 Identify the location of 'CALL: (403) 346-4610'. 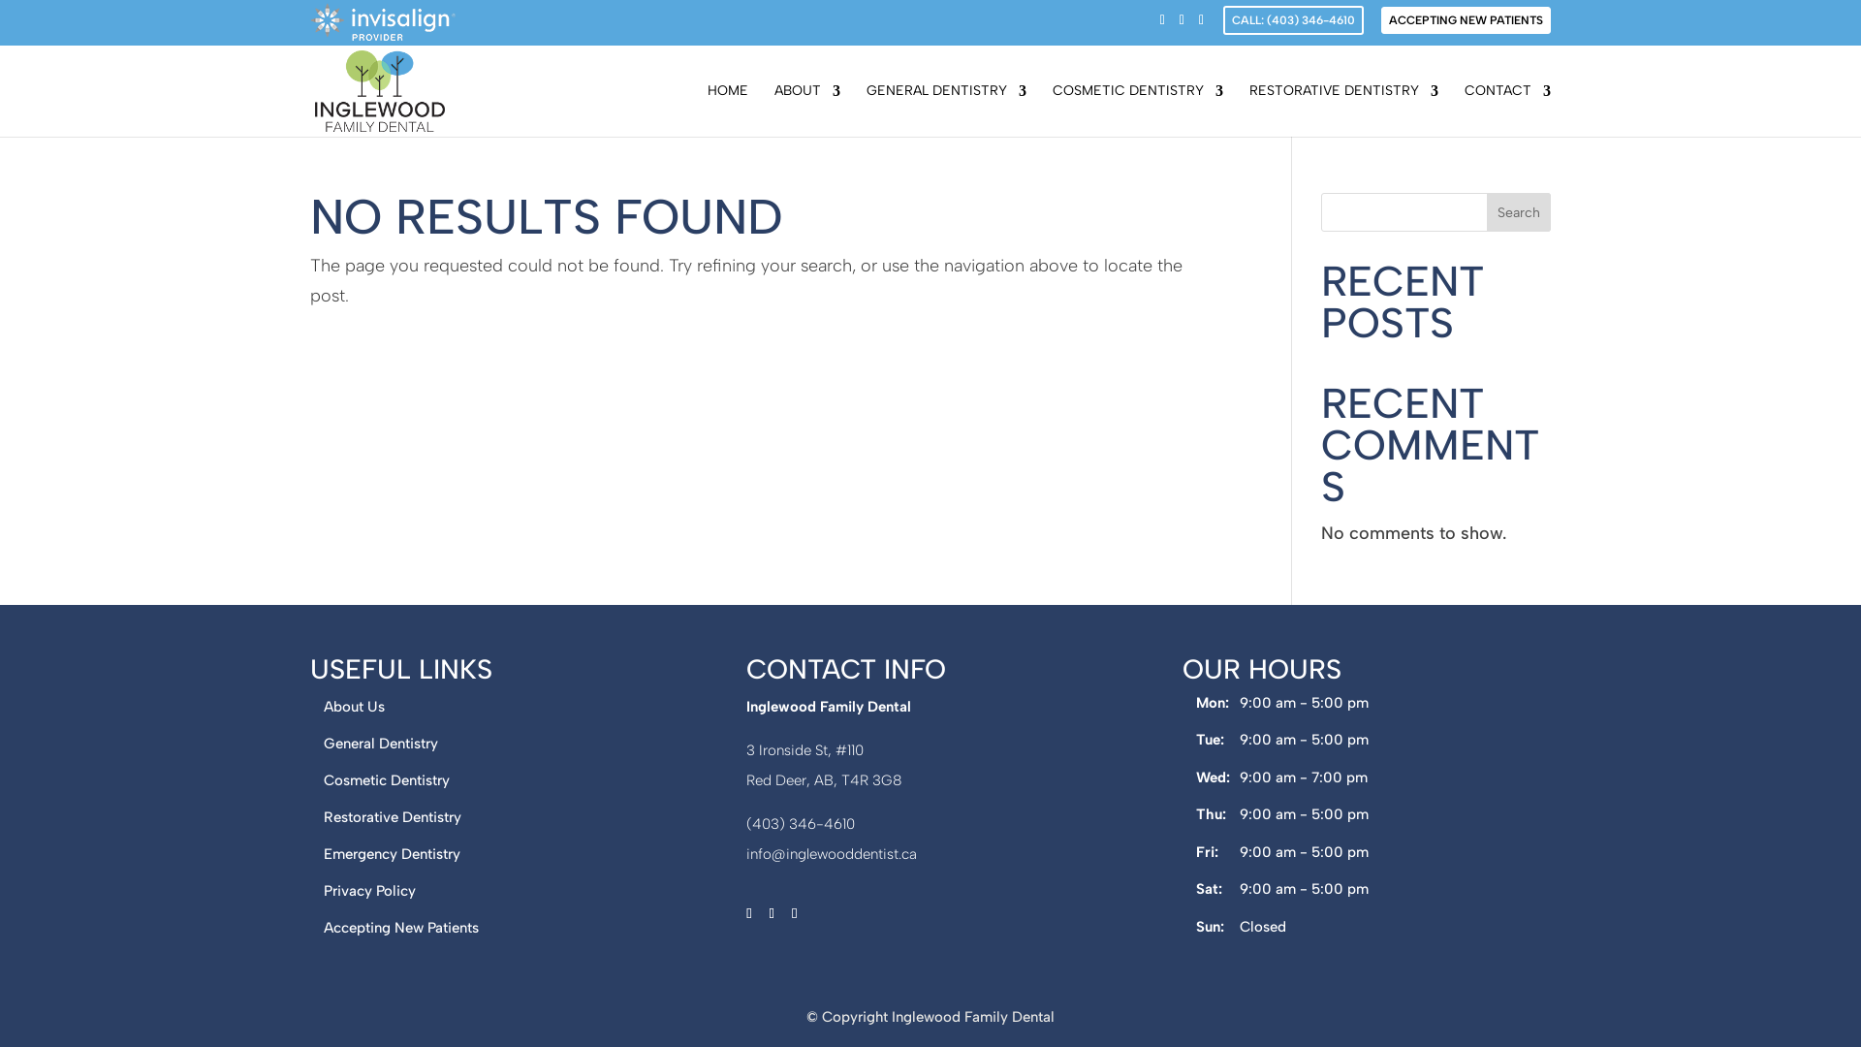
(1293, 19).